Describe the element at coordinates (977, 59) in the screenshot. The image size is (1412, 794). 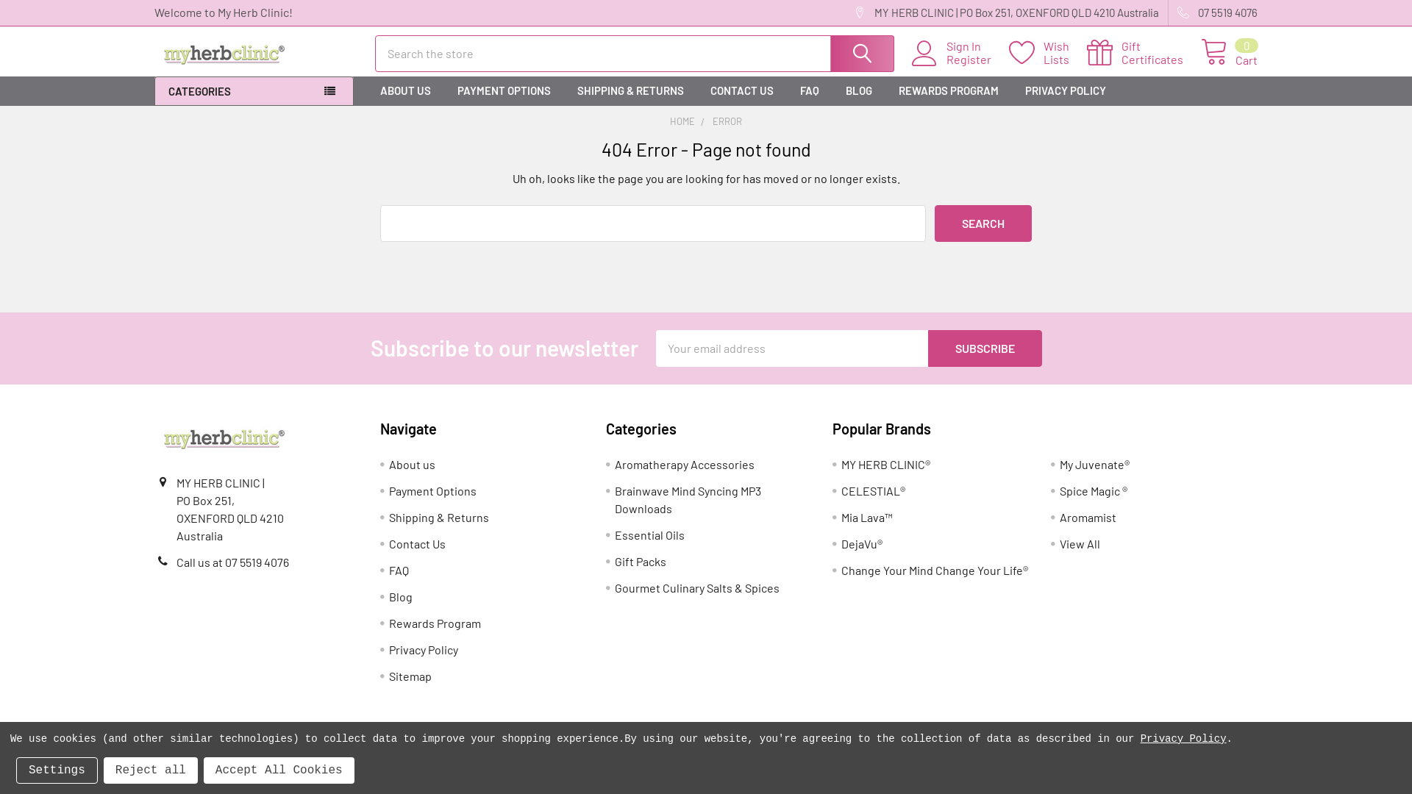
I see `'Register'` at that location.